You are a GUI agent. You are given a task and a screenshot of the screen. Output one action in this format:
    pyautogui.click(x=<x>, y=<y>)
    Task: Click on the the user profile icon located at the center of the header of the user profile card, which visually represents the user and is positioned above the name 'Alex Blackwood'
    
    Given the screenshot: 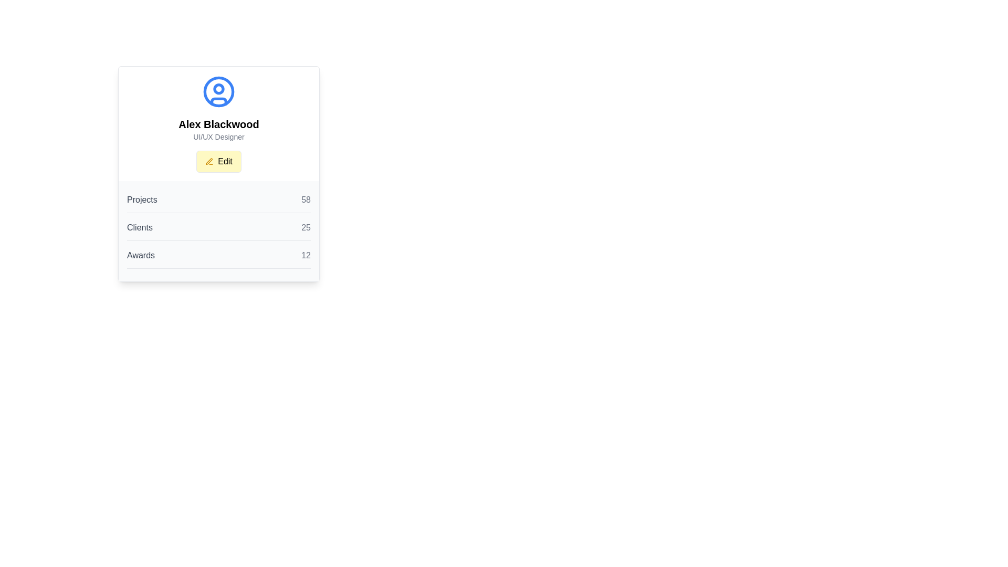 What is the action you would take?
    pyautogui.click(x=218, y=91)
    